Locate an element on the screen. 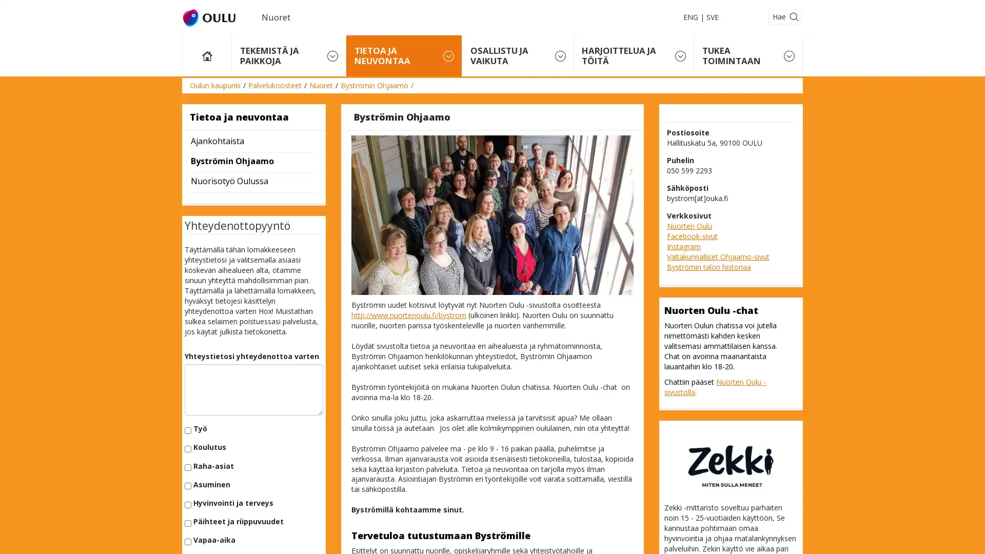 This screenshot has width=985, height=554. Avaa valikko Harjoittelua ja toita is located at coordinates (680, 55).